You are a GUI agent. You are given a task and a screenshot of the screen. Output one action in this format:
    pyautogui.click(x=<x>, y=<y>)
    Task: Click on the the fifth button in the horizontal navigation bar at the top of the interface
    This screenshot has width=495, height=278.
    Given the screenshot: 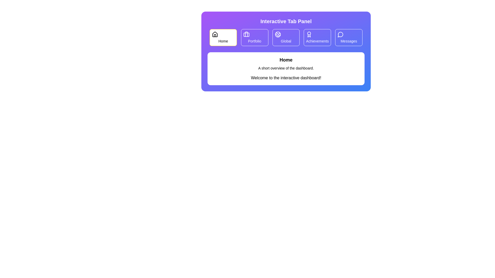 What is the action you would take?
    pyautogui.click(x=349, y=37)
    